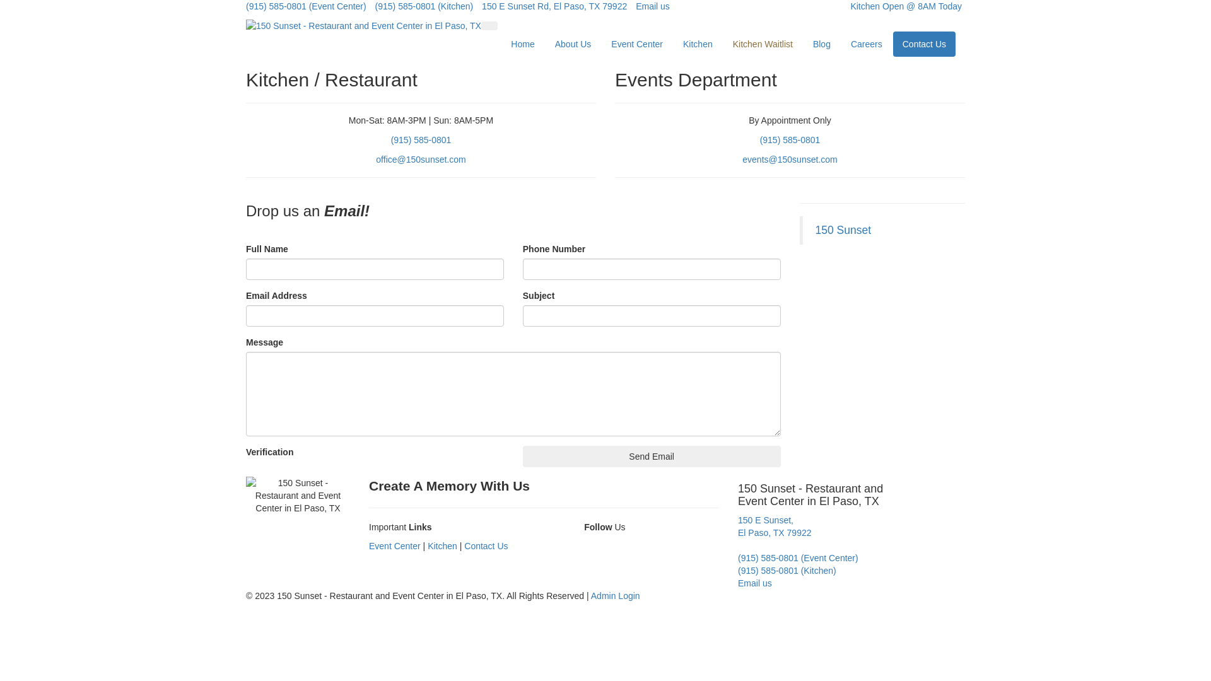  What do you see at coordinates (394, 545) in the screenshot?
I see `'Event Center'` at bounding box center [394, 545].